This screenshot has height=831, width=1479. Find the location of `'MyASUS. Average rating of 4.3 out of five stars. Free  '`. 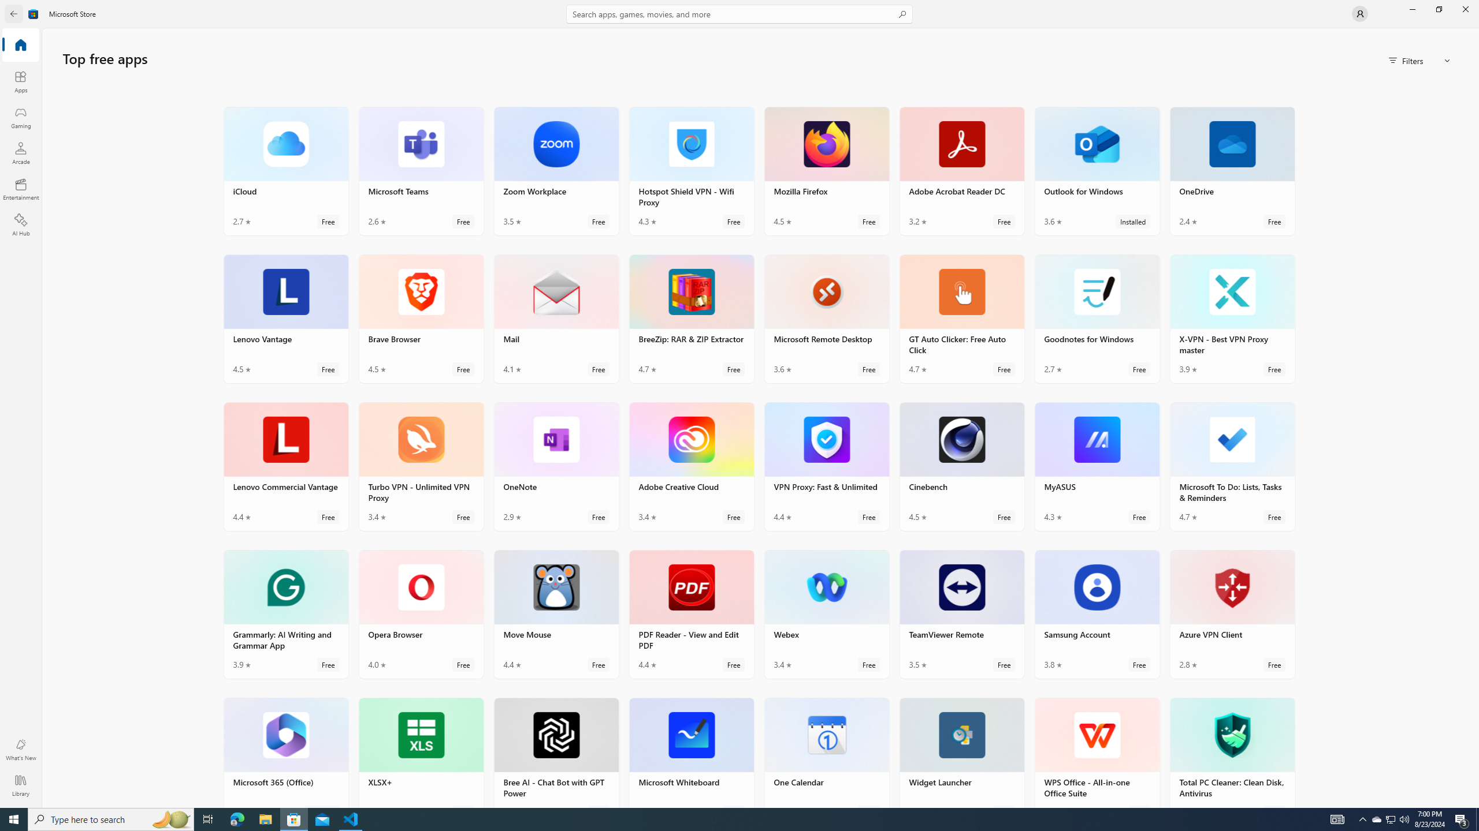

'MyASUS. Average rating of 4.3 out of five stars. Free  ' is located at coordinates (1096, 466).